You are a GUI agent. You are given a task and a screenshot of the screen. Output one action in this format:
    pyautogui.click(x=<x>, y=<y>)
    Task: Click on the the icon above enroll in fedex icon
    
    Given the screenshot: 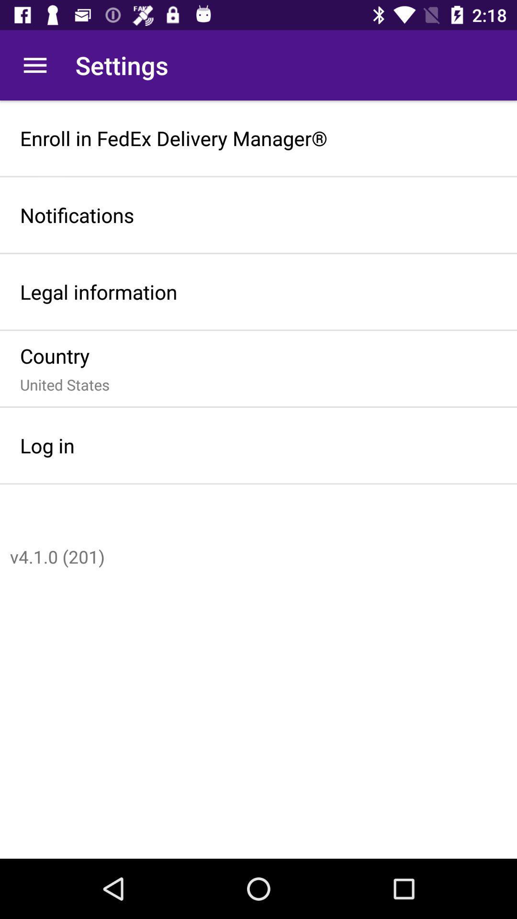 What is the action you would take?
    pyautogui.click(x=34, y=65)
    